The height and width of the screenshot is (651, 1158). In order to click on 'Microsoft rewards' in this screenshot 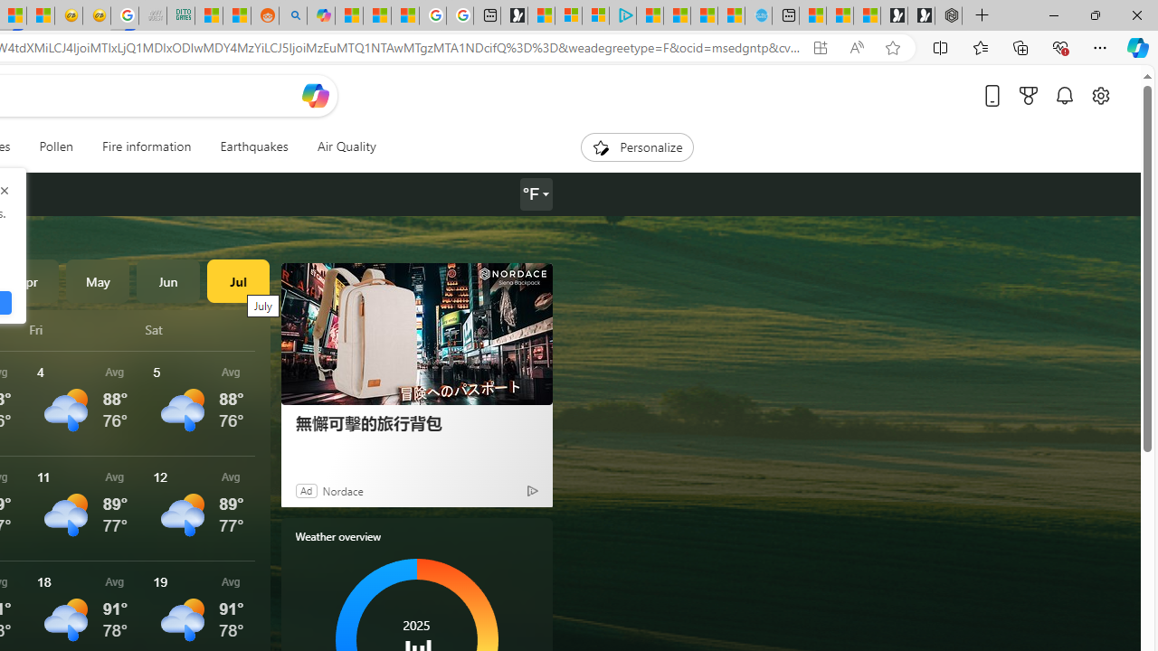, I will do `click(1029, 95)`.